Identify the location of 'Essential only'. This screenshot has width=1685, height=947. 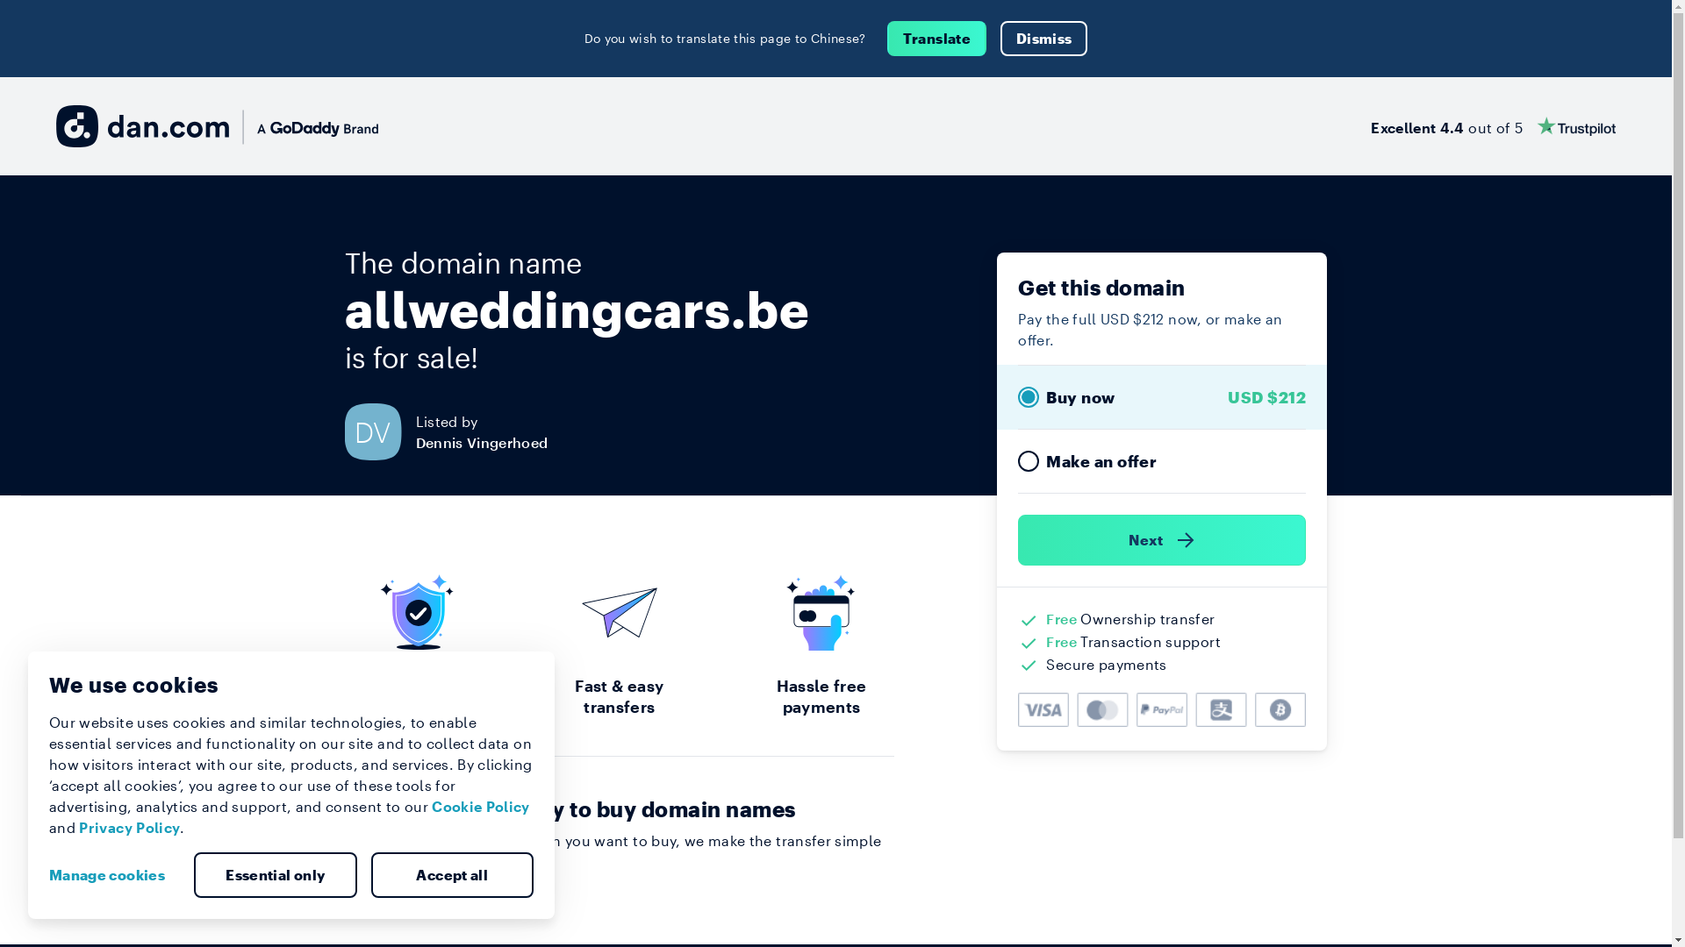
(274, 875).